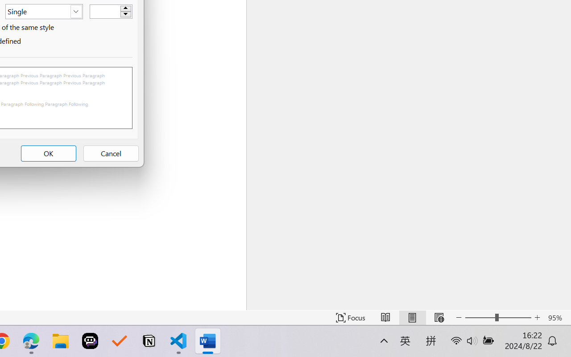  I want to click on 'Zoom 95%', so click(557, 317).